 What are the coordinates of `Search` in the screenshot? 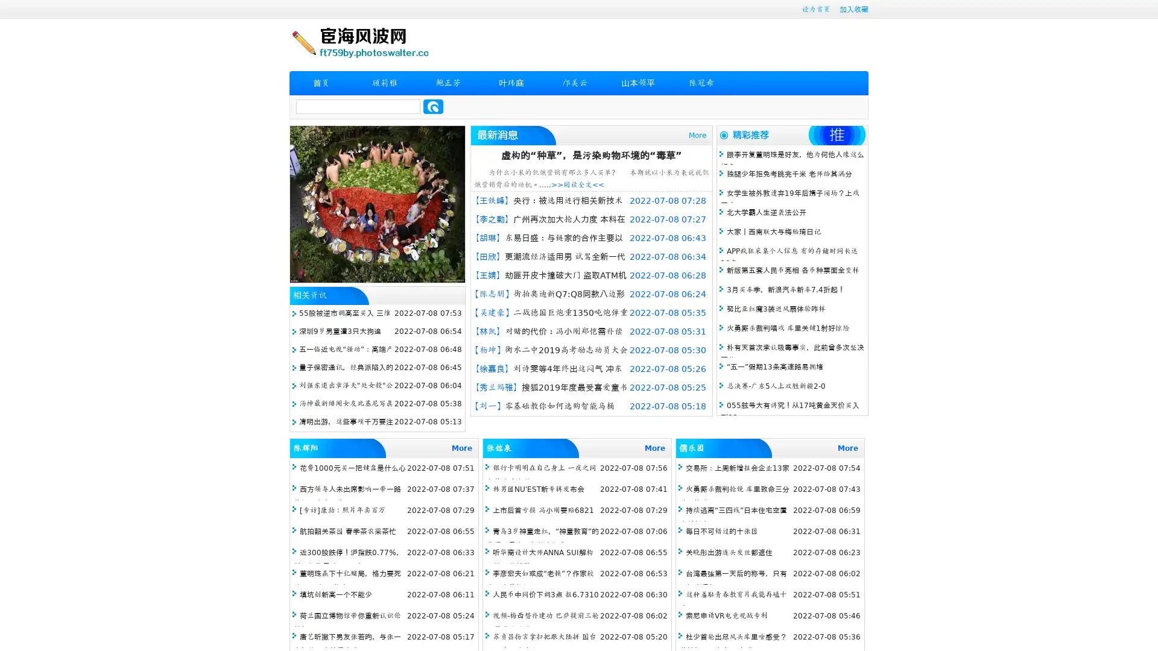 It's located at (433, 106).